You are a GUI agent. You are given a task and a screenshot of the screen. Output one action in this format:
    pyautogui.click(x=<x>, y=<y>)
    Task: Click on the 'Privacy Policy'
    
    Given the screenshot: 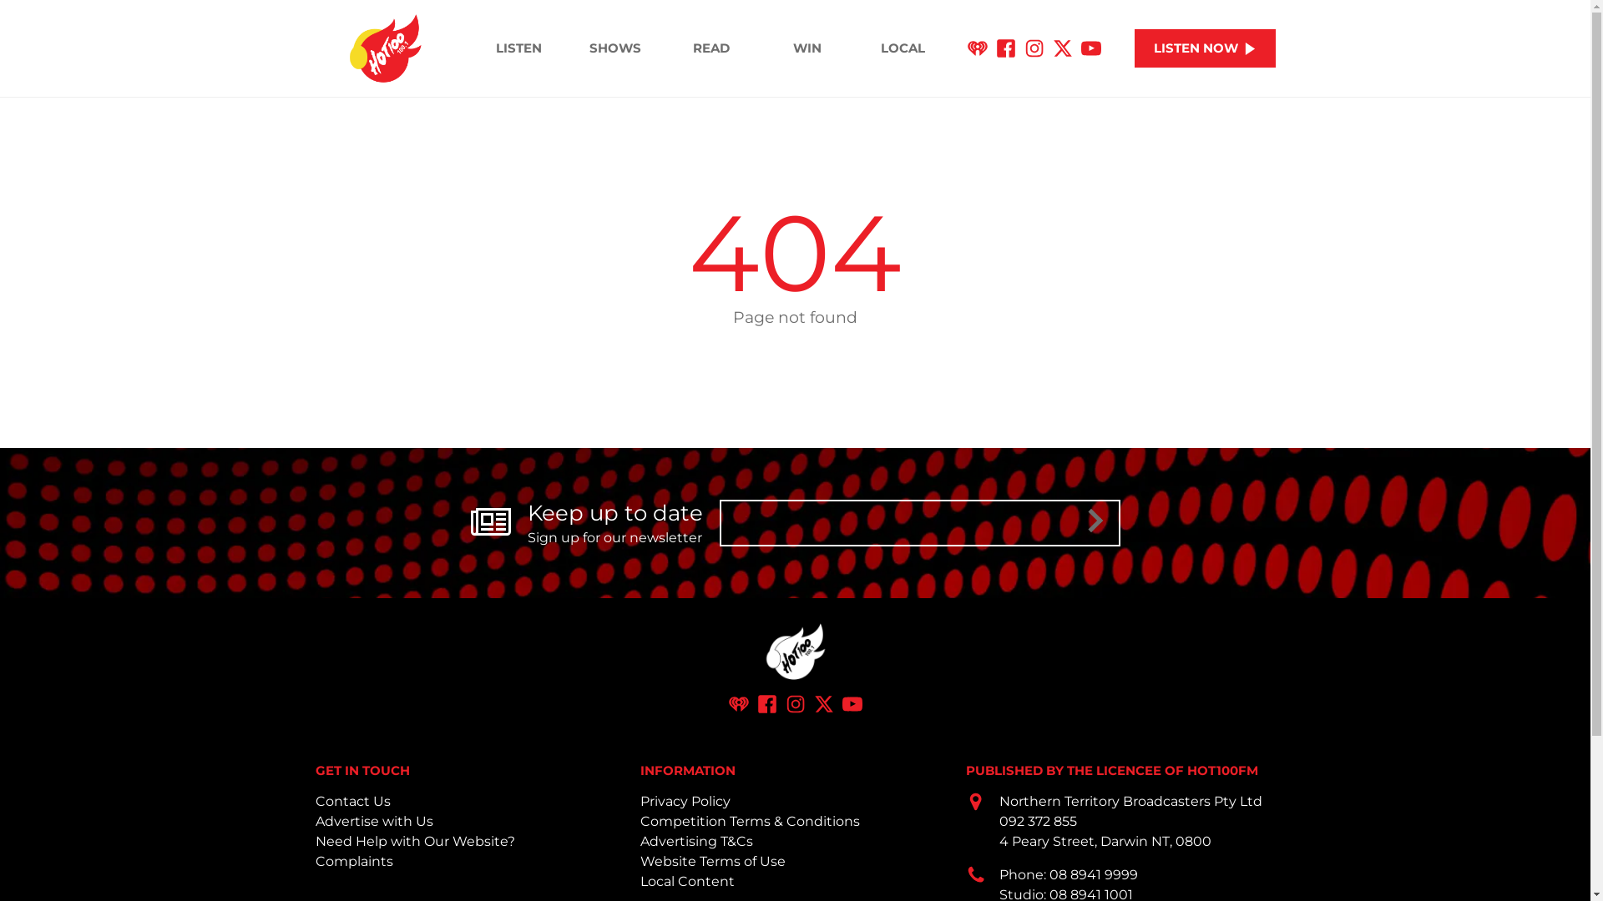 What is the action you would take?
    pyautogui.click(x=640, y=800)
    